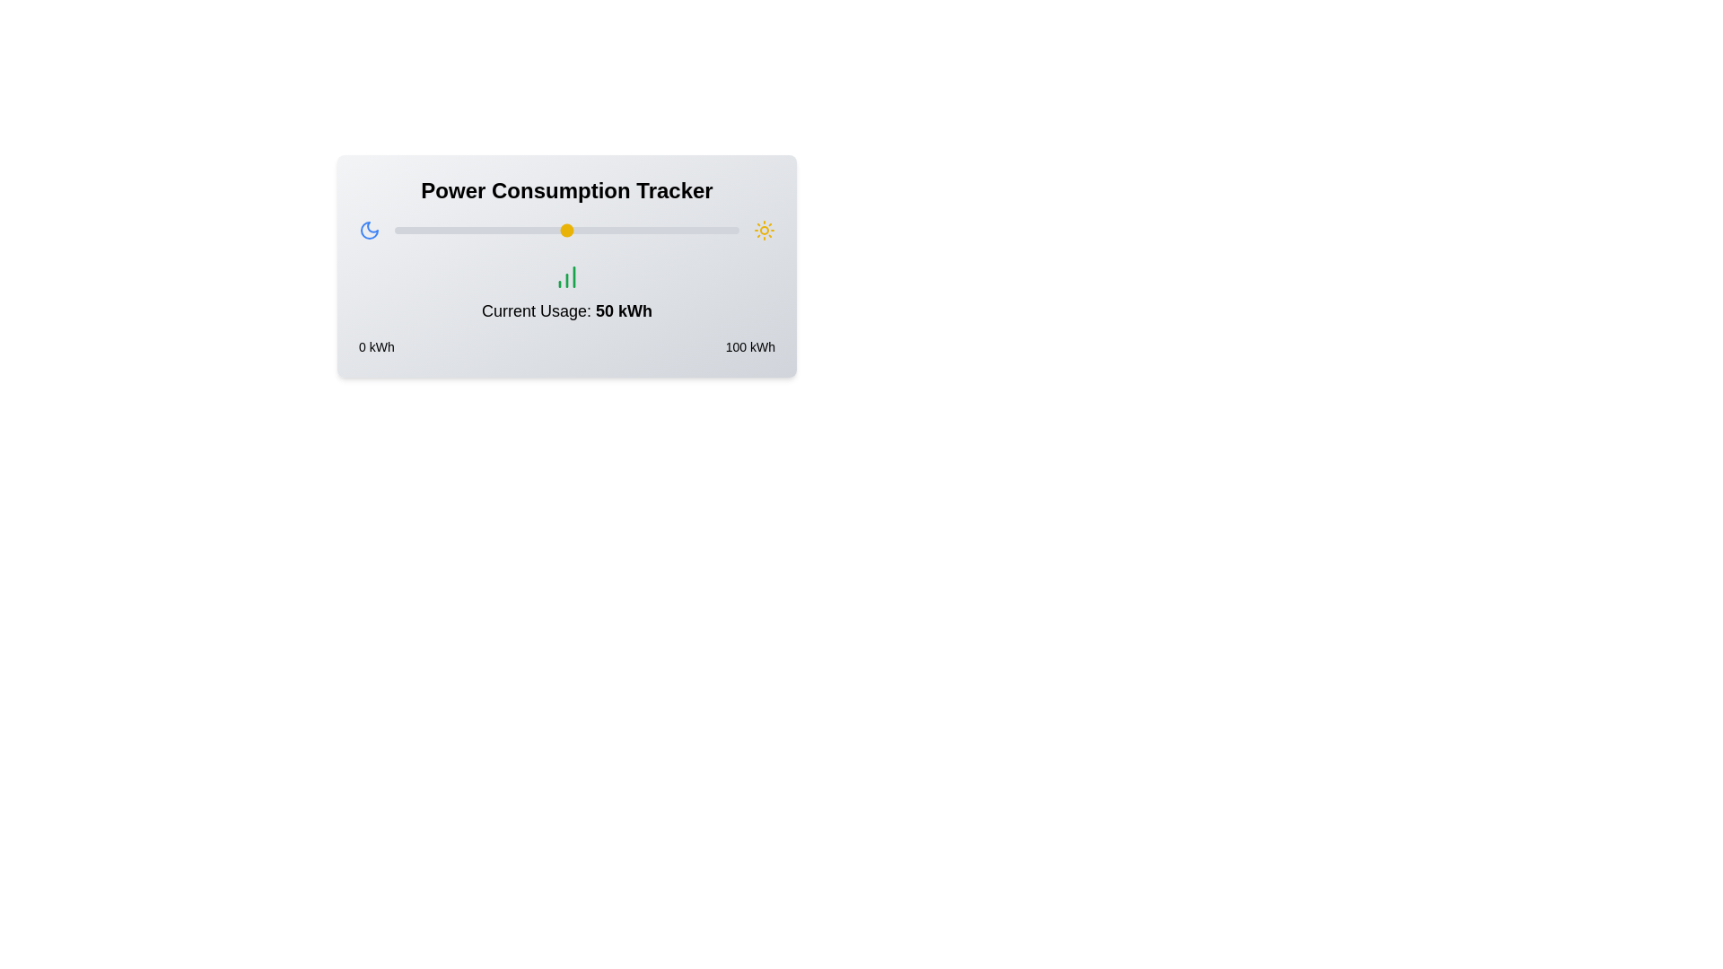  What do you see at coordinates (433, 230) in the screenshot?
I see `the slider to set the power usage to 11 kWh` at bounding box center [433, 230].